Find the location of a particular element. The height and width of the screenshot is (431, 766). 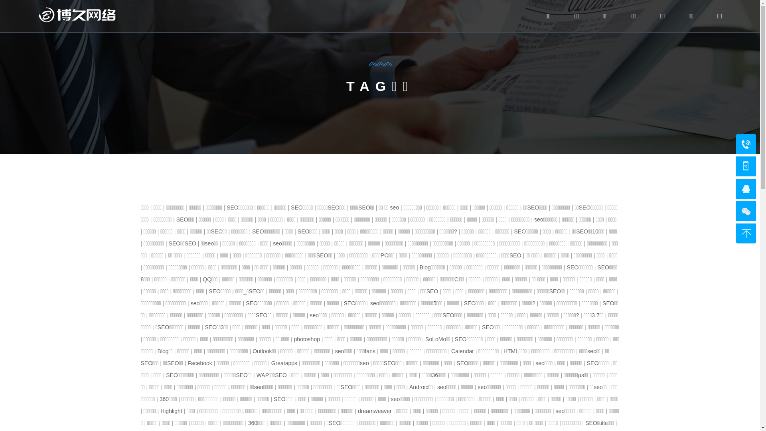

'Calendar' is located at coordinates (462, 350).